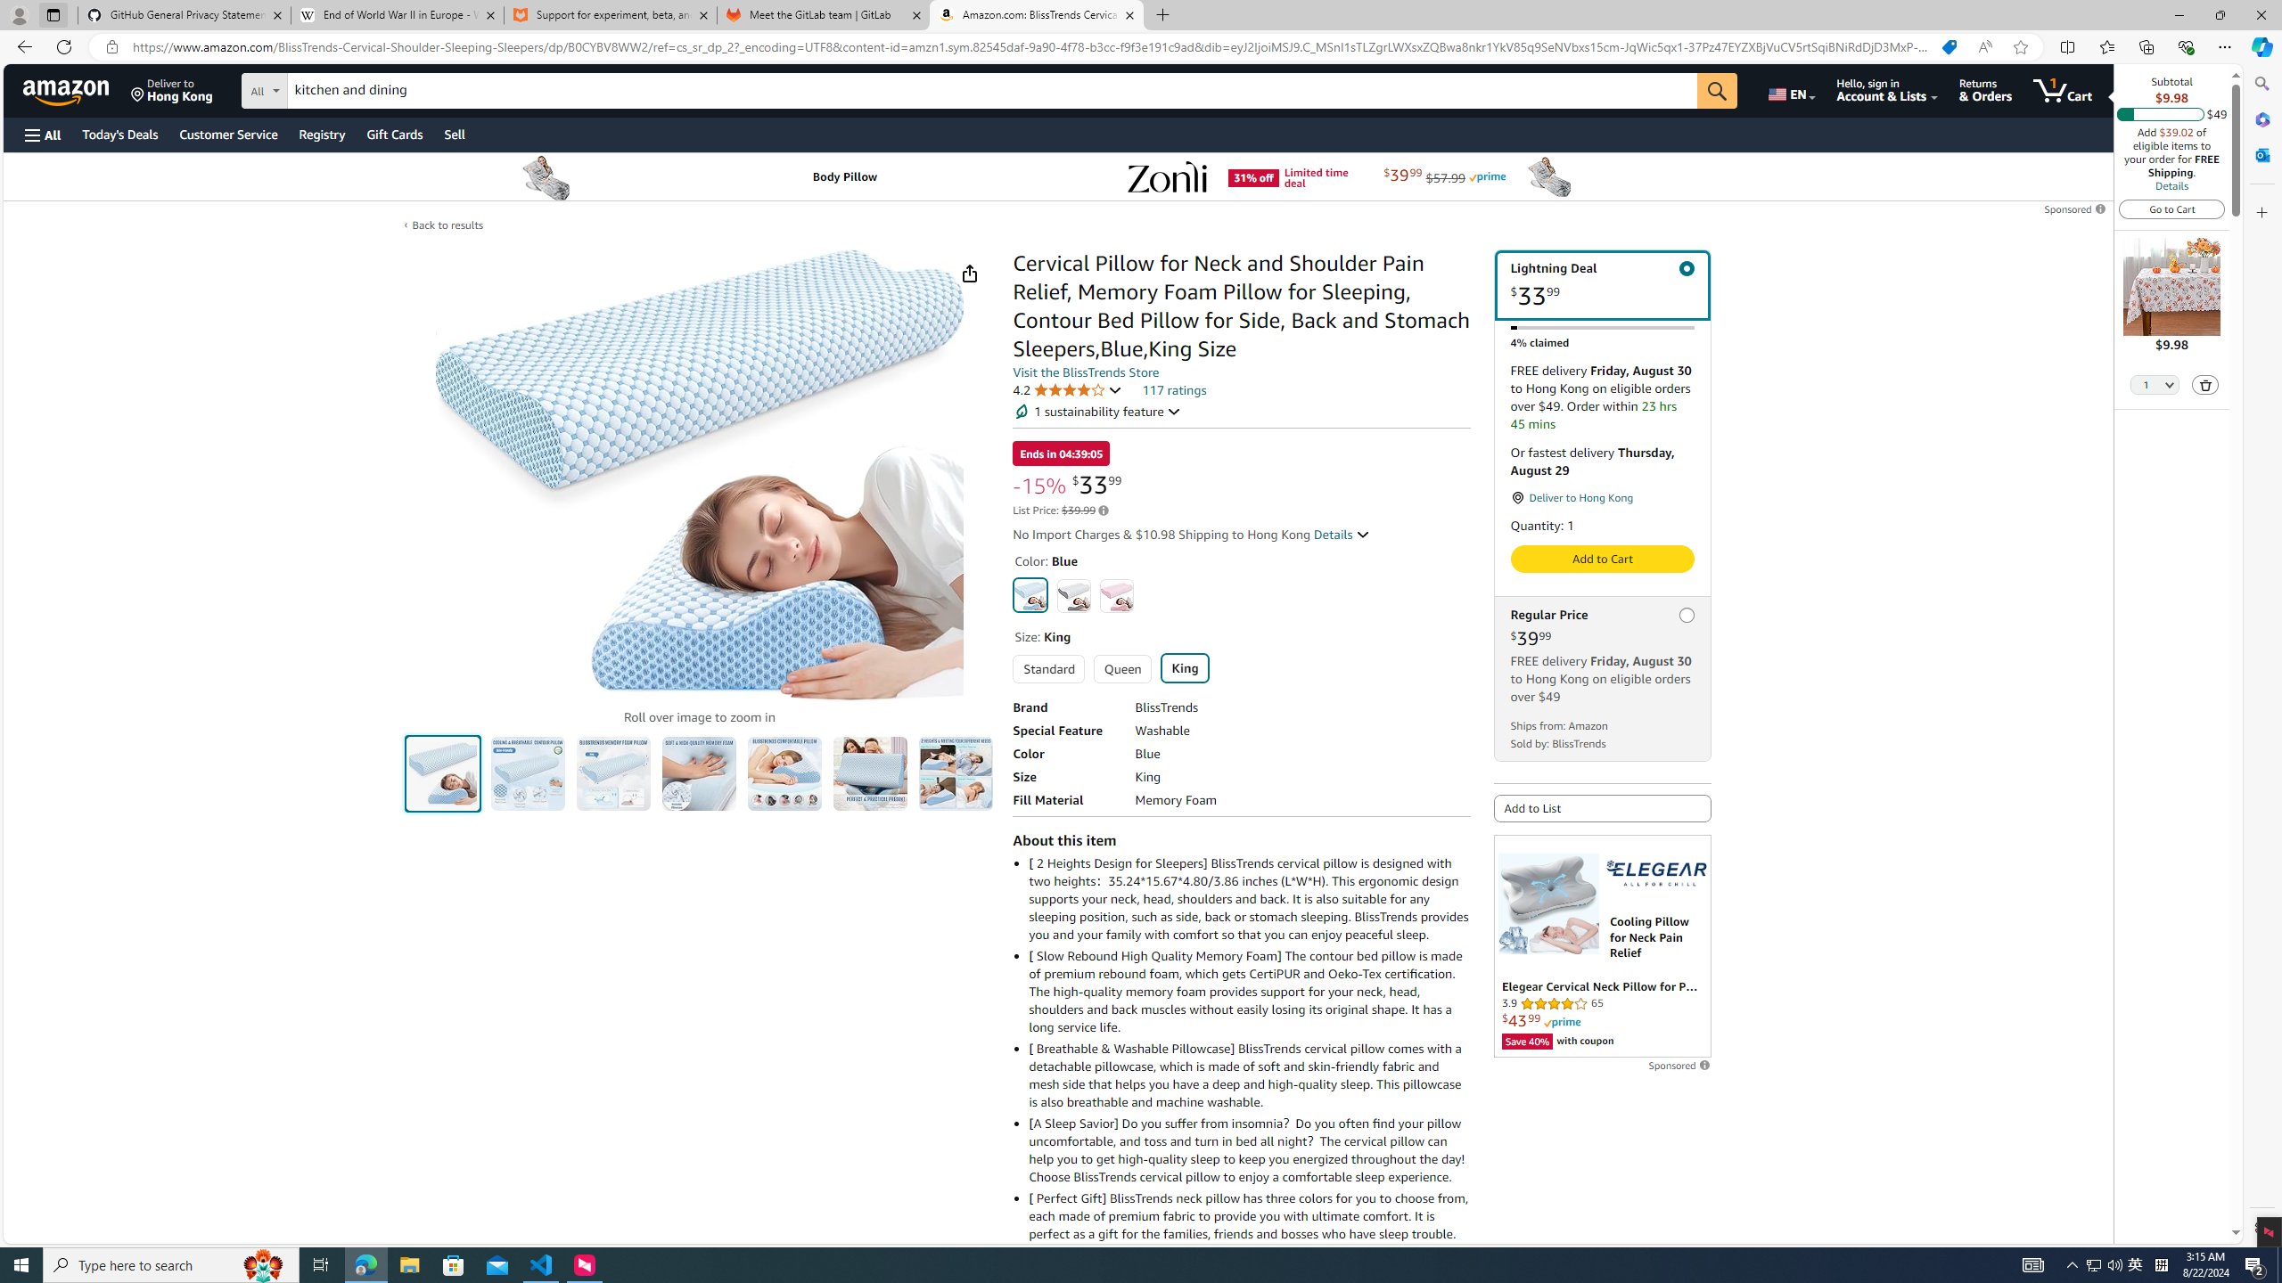  Describe the element at coordinates (1115, 594) in the screenshot. I see `'Pink'` at that location.